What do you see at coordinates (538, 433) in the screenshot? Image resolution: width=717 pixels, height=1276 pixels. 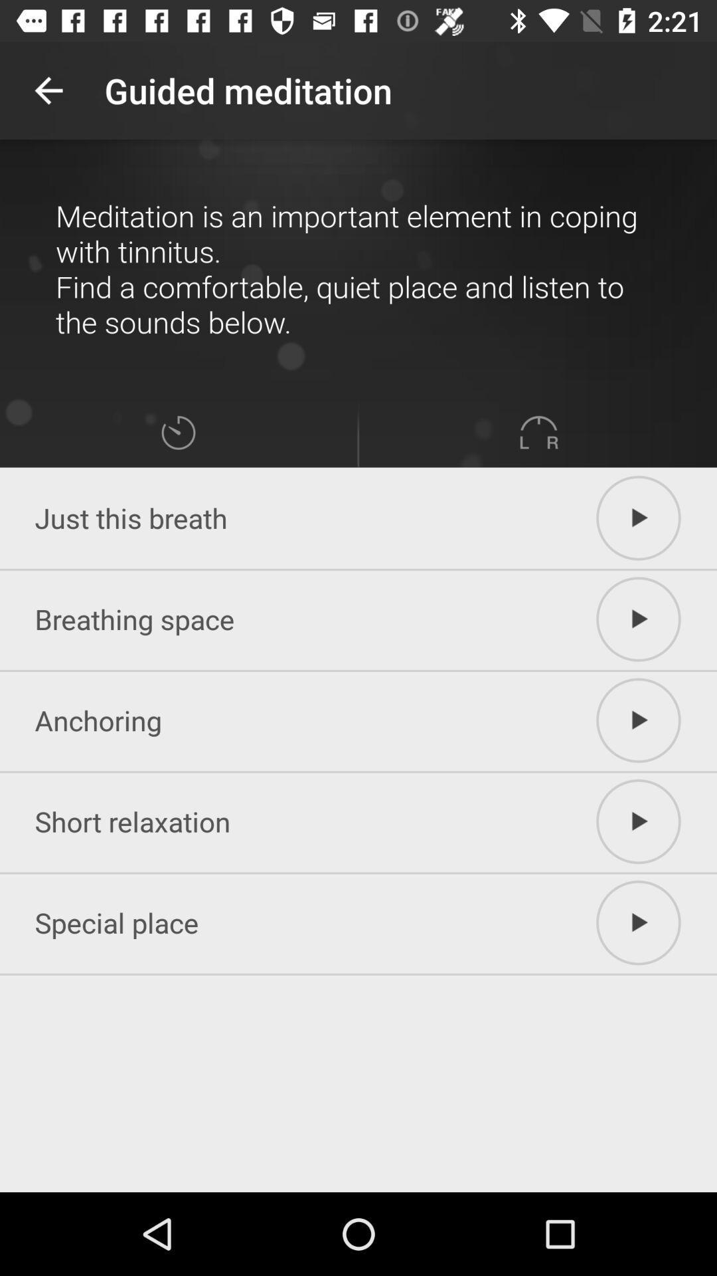 I see `the icon below meditation is an icon` at bounding box center [538, 433].